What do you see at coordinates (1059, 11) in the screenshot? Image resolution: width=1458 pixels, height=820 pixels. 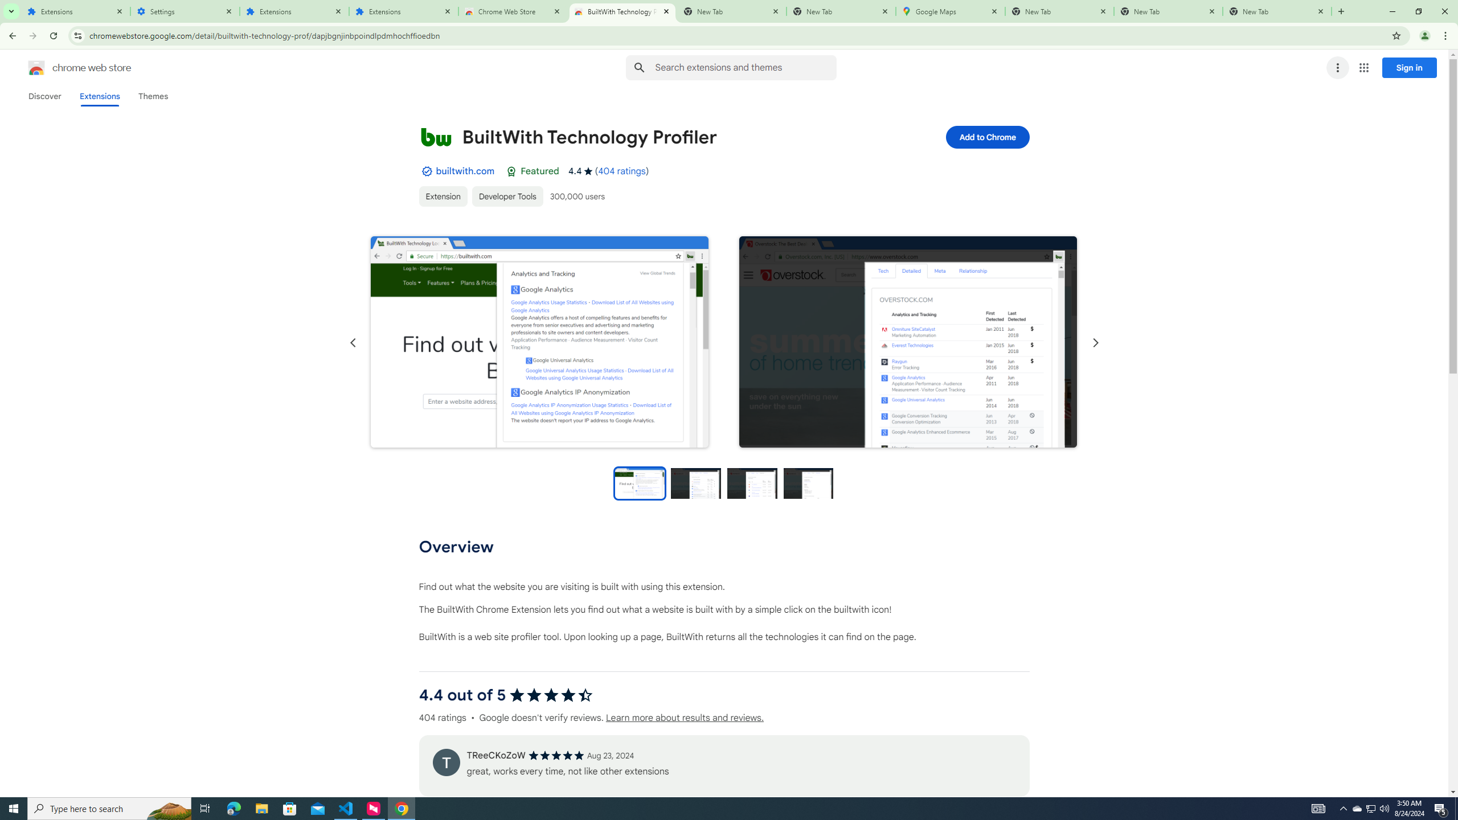 I see `'New Tab'` at bounding box center [1059, 11].